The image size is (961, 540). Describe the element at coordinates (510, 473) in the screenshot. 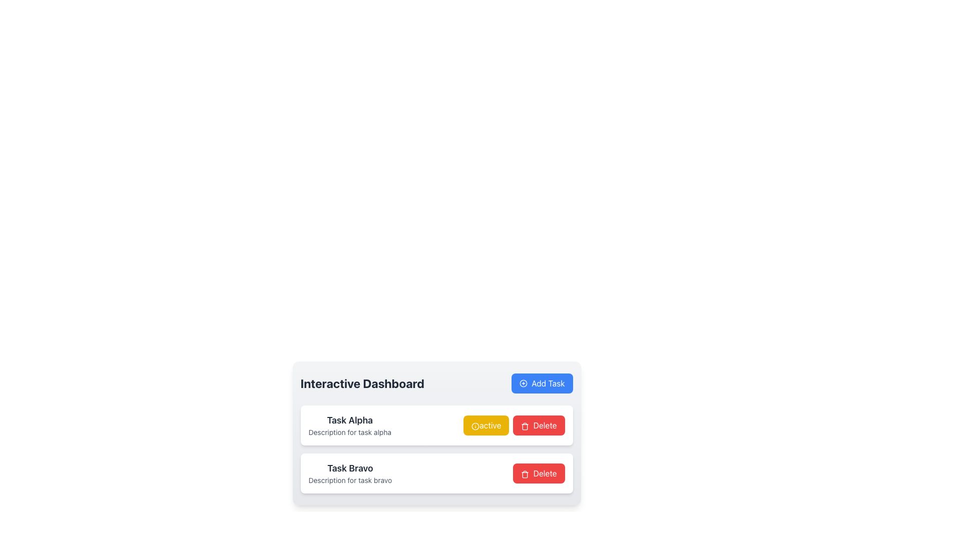

I see `the interactive status indicator and button` at that location.